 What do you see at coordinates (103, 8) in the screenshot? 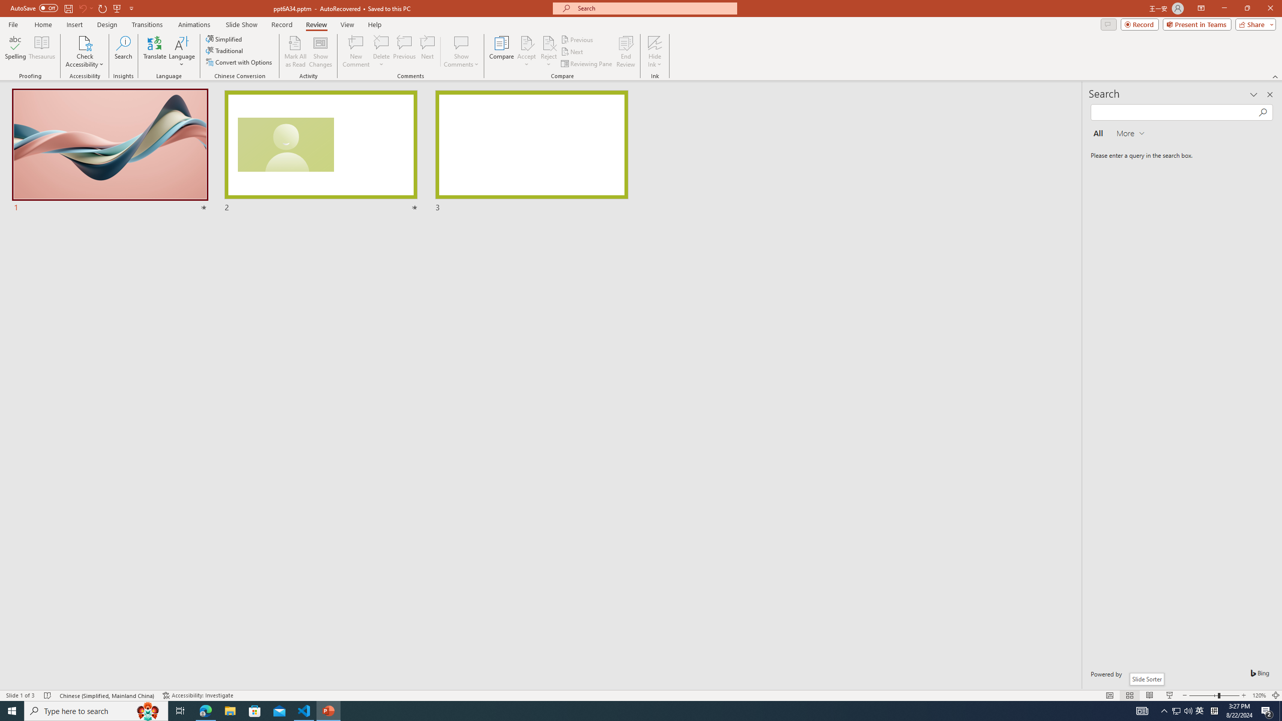
I see `'Redo'` at bounding box center [103, 8].